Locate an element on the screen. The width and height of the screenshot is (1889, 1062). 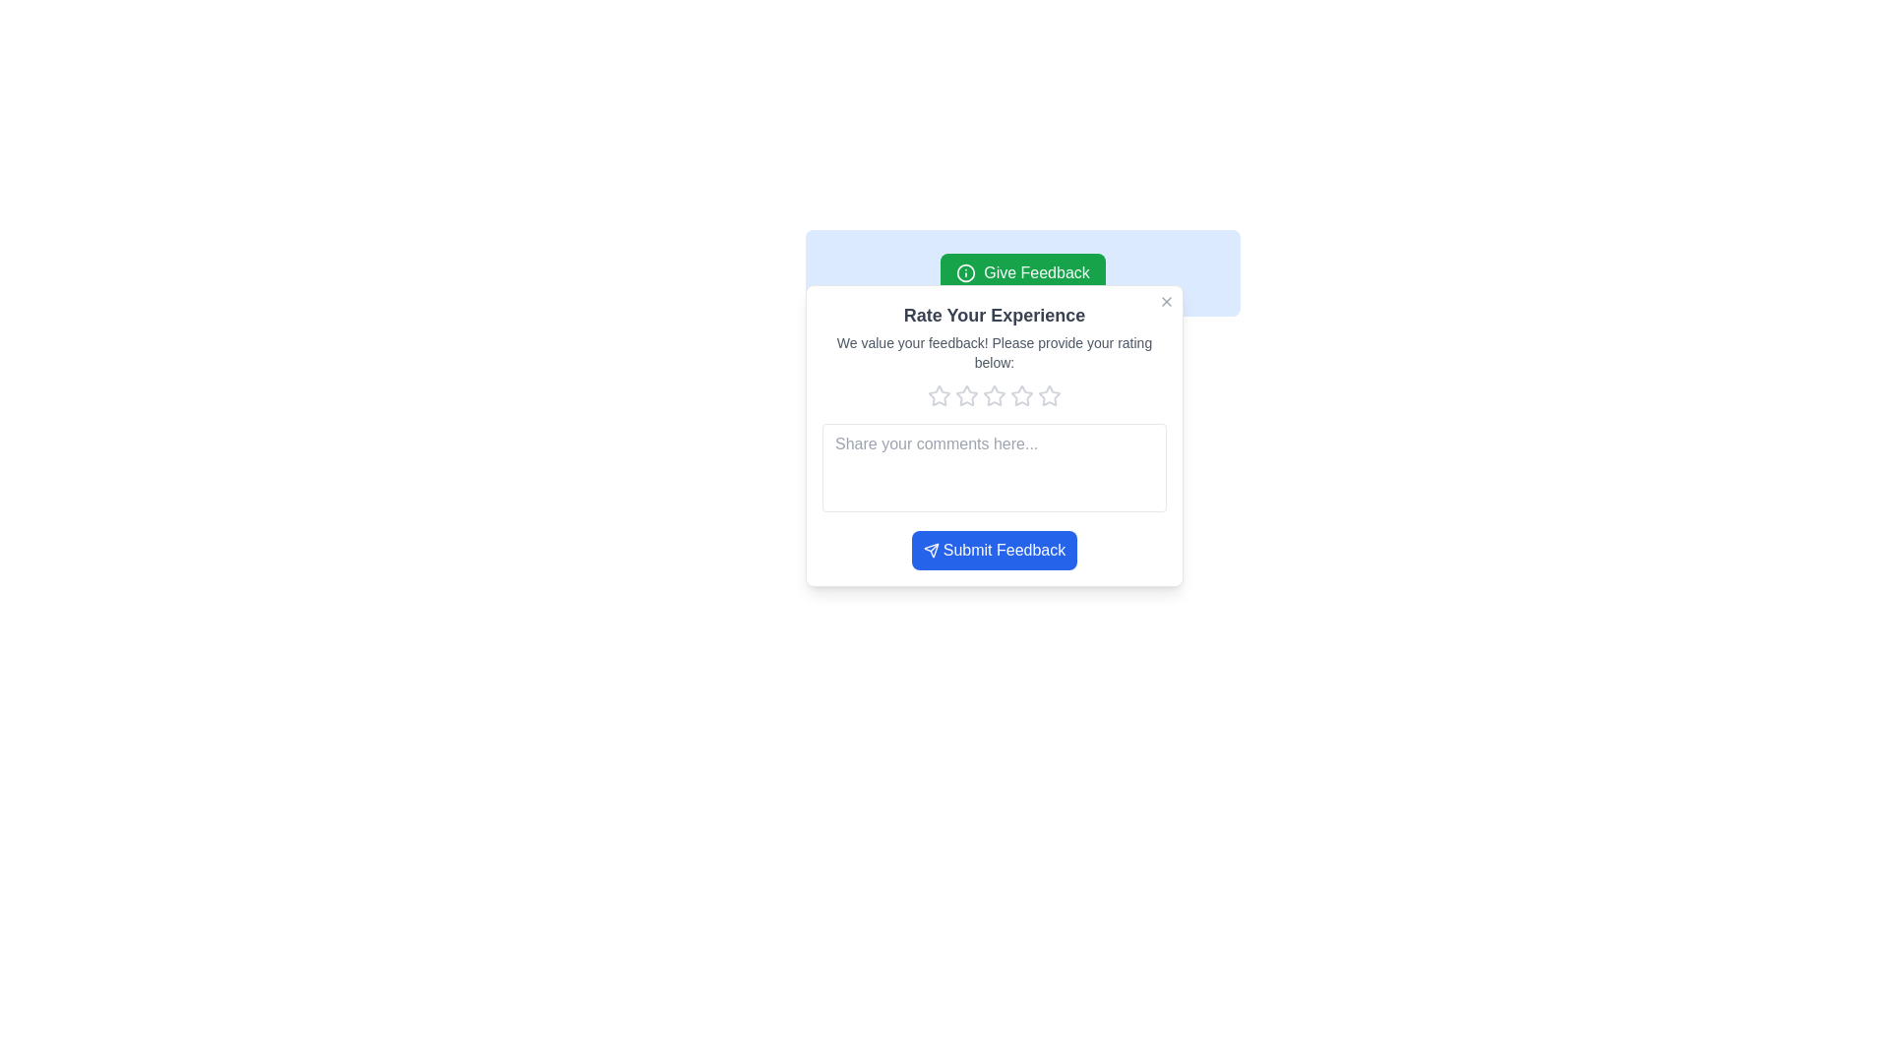
the submission icon located to the left of the 'Submit Feedback' text, which indicates the action of submission or sending is located at coordinates (930, 550).